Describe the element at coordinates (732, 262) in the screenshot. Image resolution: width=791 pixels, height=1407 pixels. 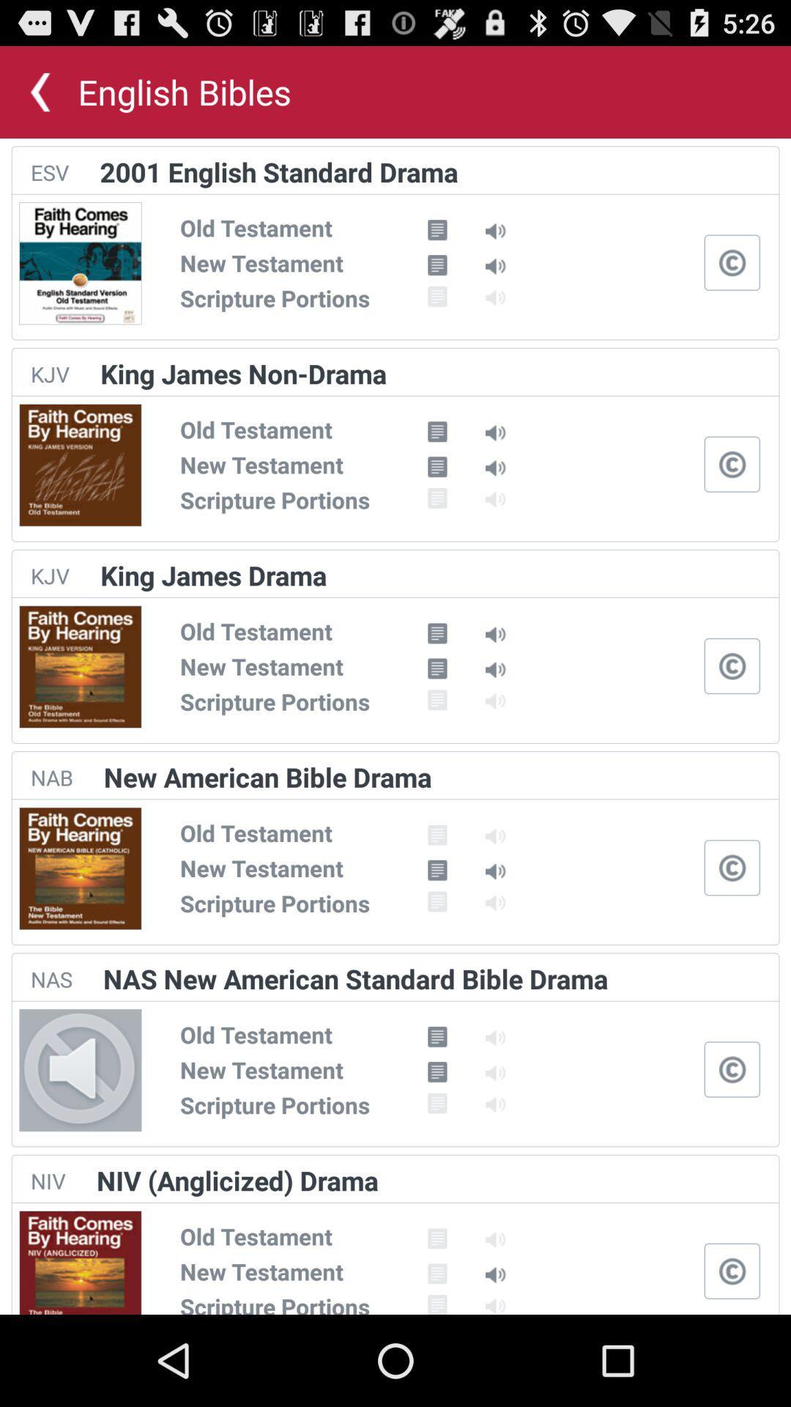
I see `see copyright` at that location.